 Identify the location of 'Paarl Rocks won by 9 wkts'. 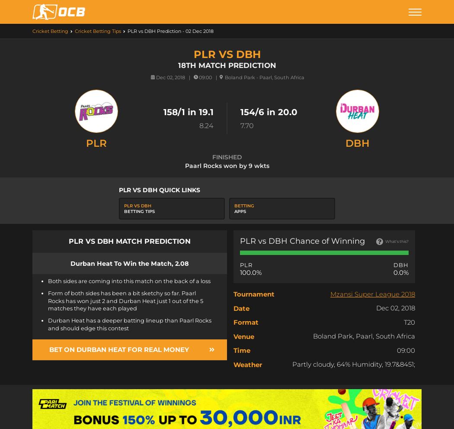
(226, 165).